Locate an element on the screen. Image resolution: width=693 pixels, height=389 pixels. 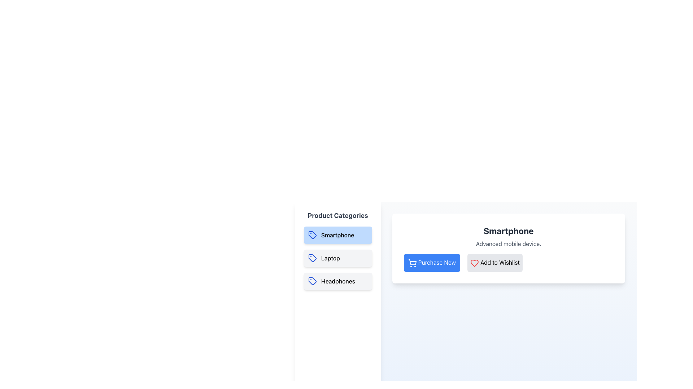
the 'Add to Wishlist' button, which is a light gray rectangular button with a red heart icon and text on its right, located next to the 'Purchase Now' button is located at coordinates (494, 263).